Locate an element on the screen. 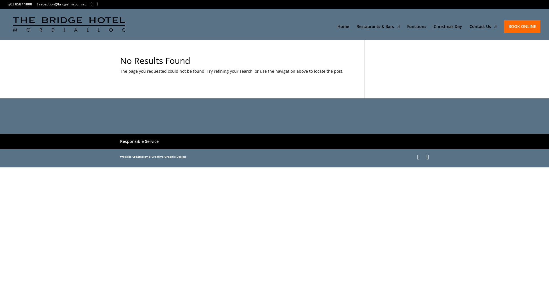 The width and height of the screenshot is (549, 308). 'Responsible Service' is located at coordinates (139, 141).